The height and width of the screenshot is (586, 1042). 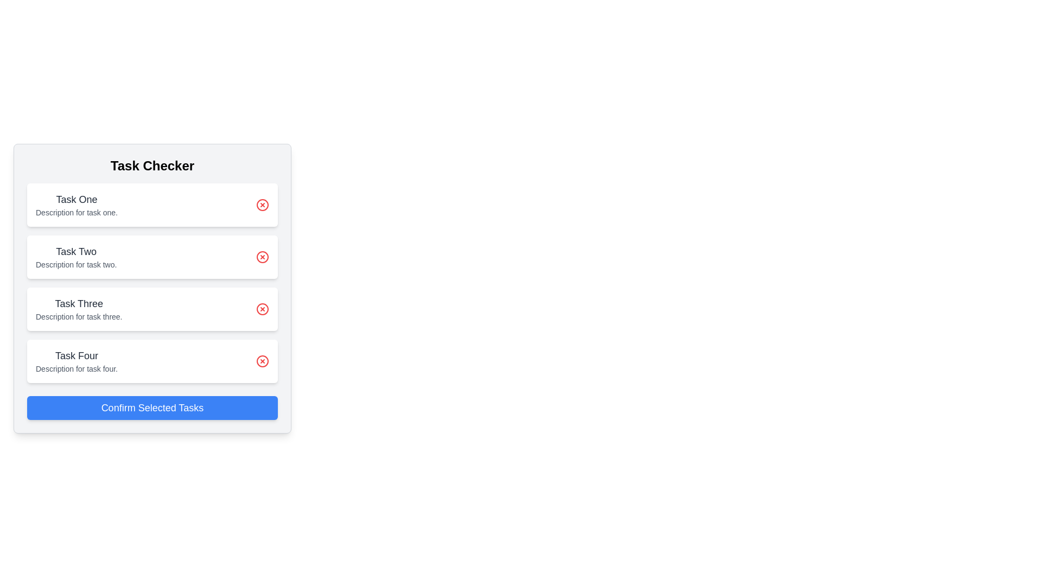 I want to click on the Text Label that identifies the second task in the task list, located beneath 'Task One' and above 'Task Three', so click(x=75, y=251).